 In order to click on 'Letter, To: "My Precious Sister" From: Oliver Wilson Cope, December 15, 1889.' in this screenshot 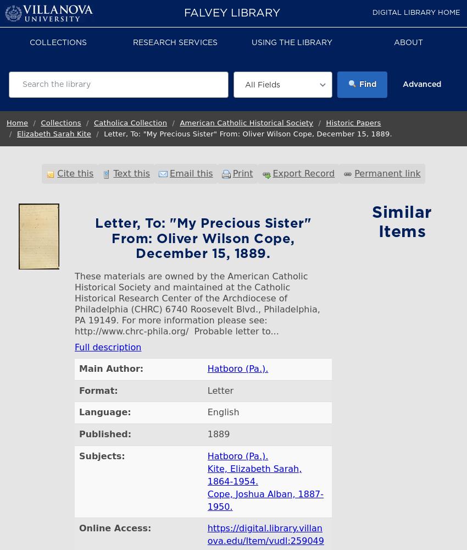, I will do `click(247, 133)`.